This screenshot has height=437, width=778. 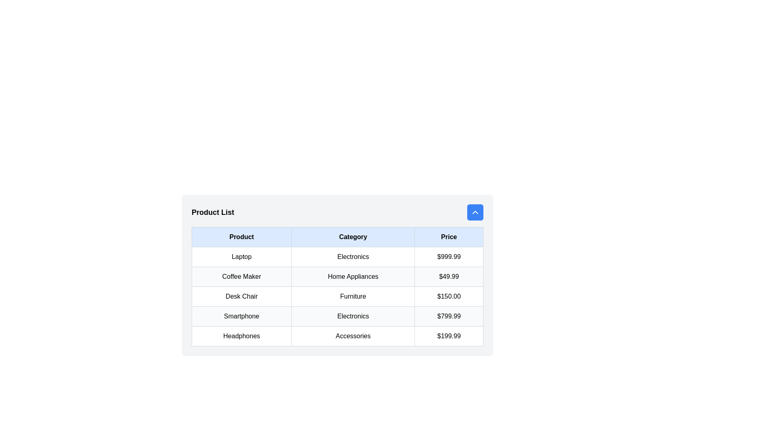 What do you see at coordinates (241, 296) in the screenshot?
I see `text displayed in the Text label for the product name 'Desk Chair' located in the third row of the tabular data grid under the 'Product' column heading` at bounding box center [241, 296].